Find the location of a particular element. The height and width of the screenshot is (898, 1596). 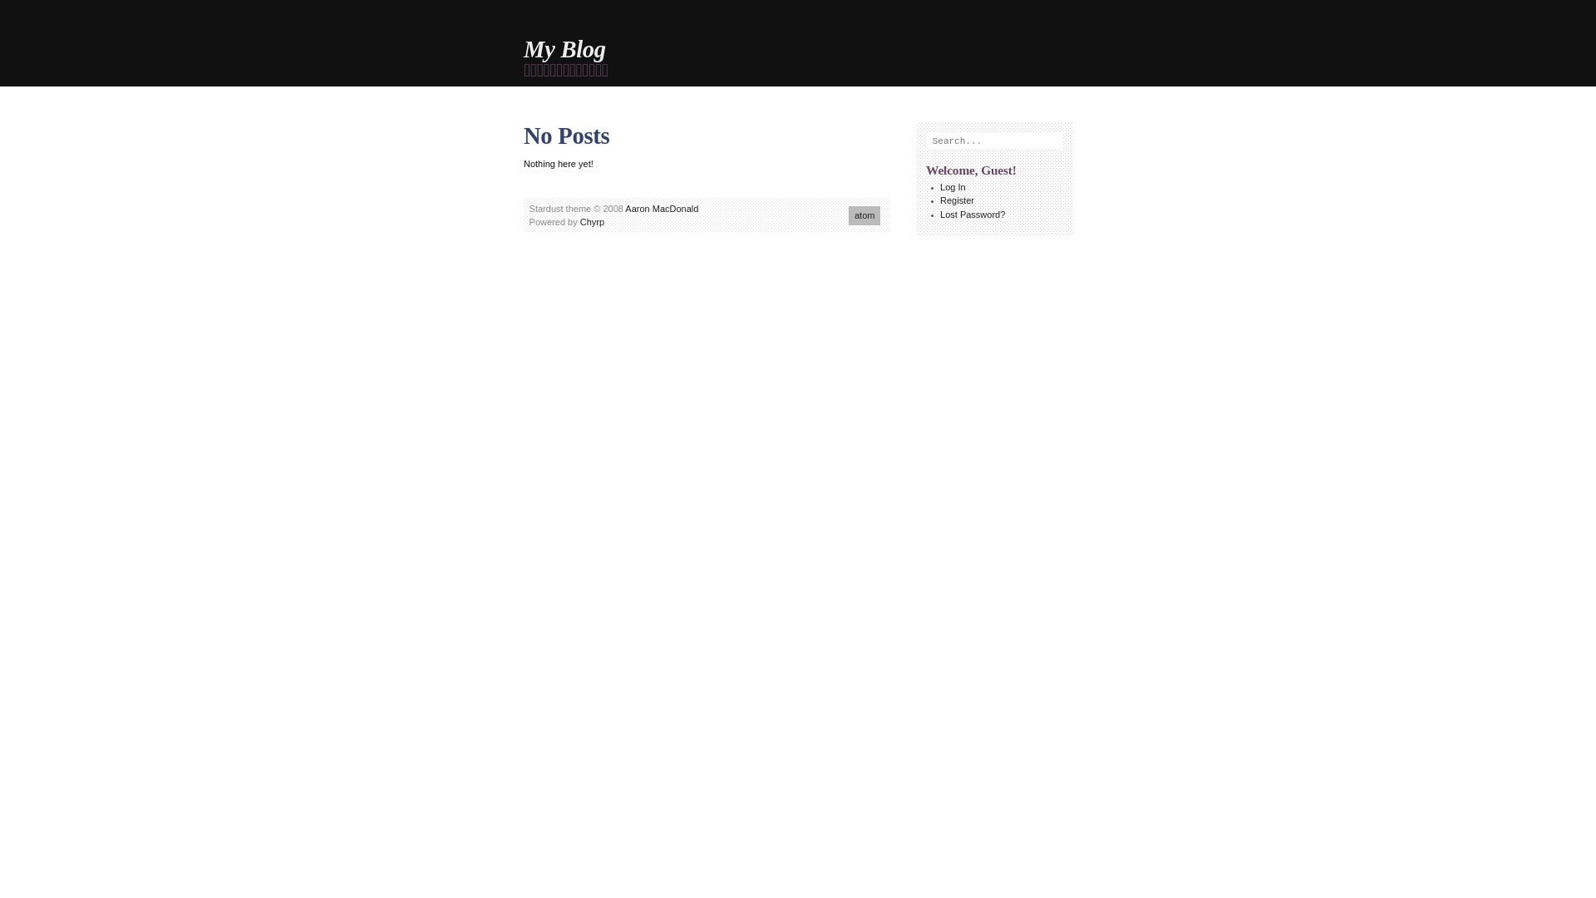

'Register' is located at coordinates (957, 199).